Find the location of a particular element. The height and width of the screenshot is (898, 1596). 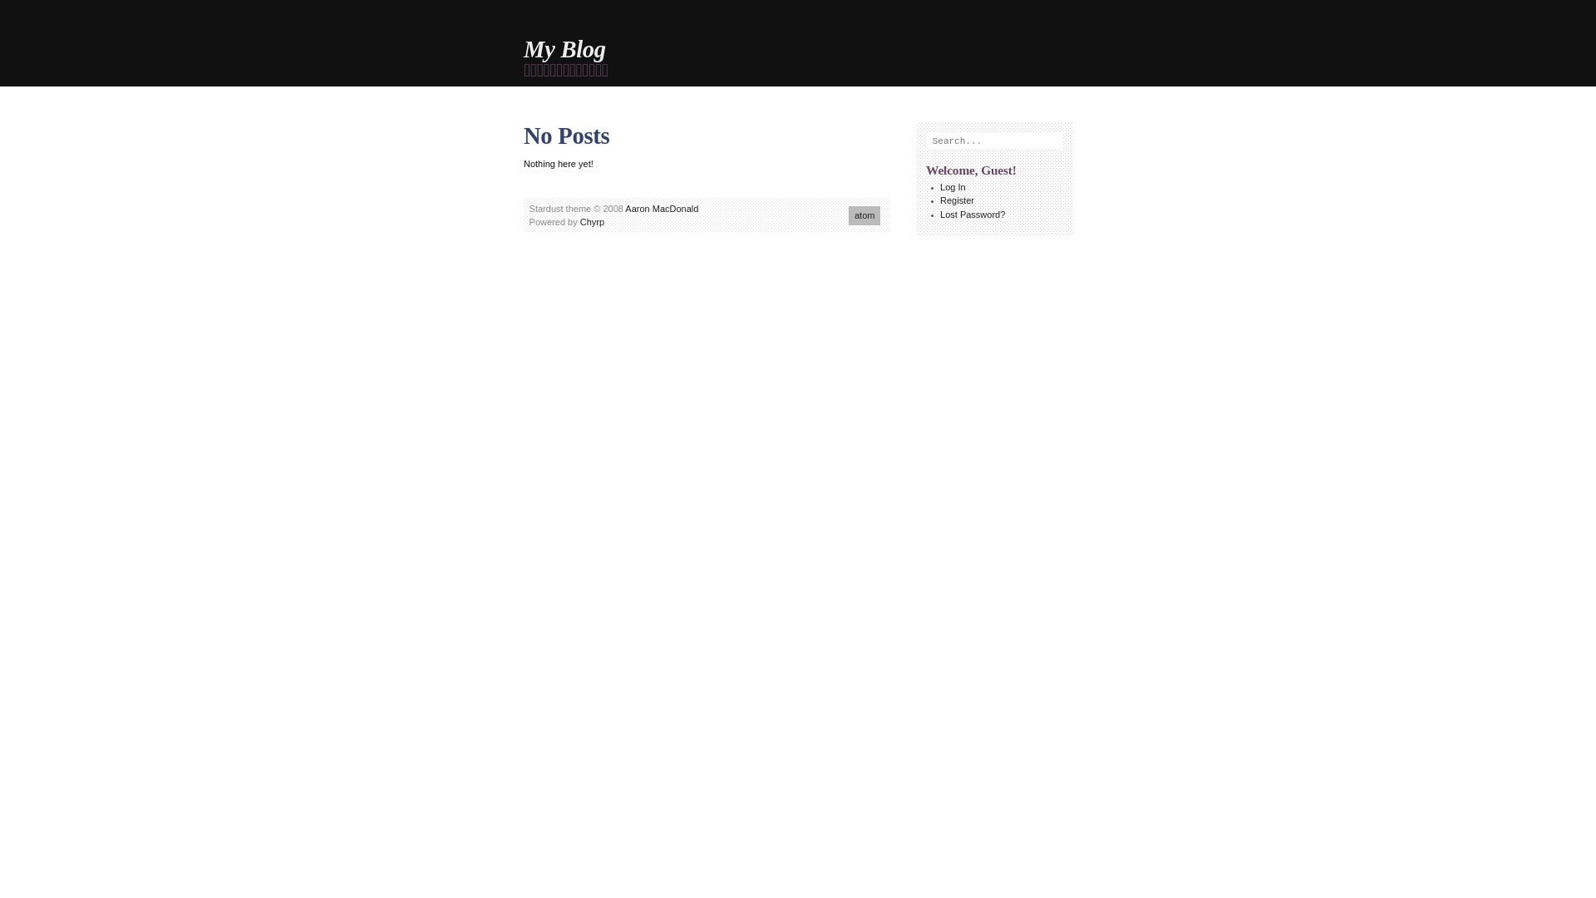

'Register' is located at coordinates (957, 199).